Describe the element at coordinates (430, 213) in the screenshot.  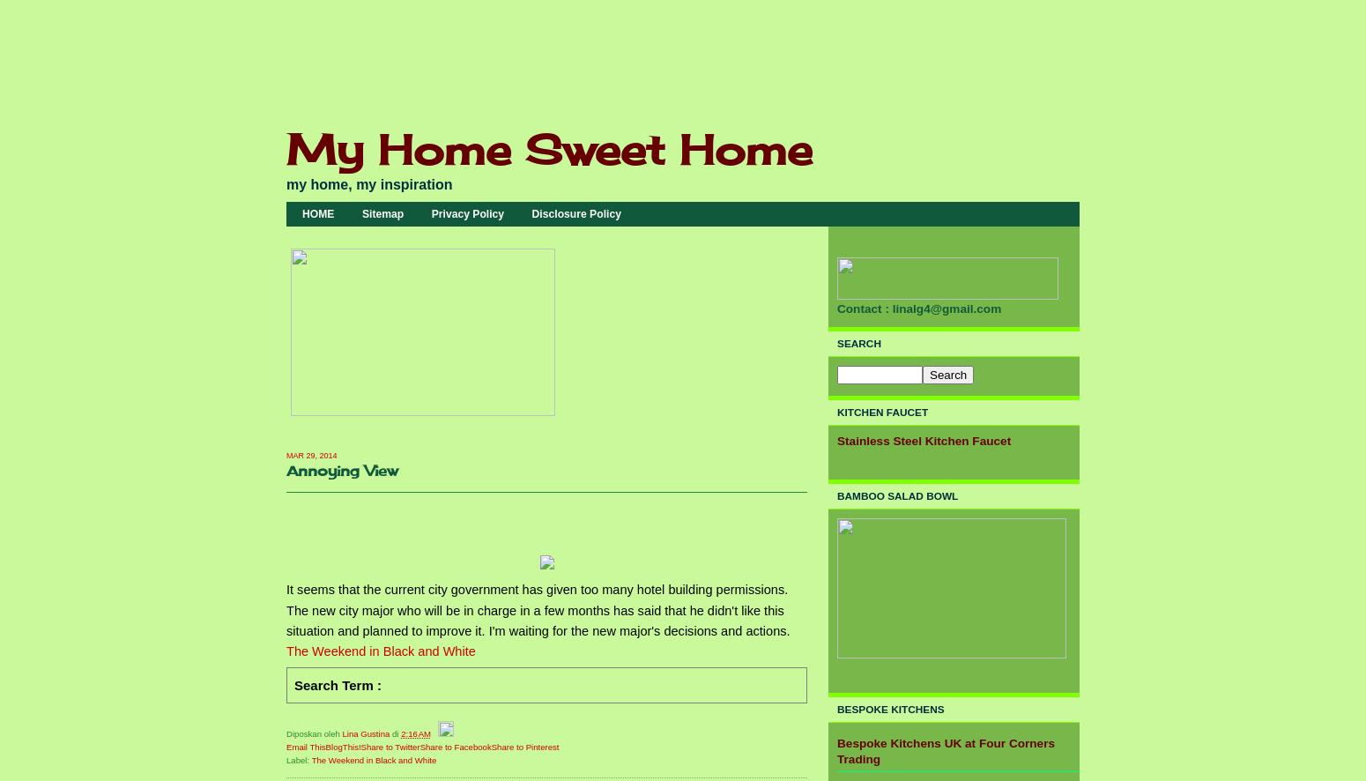
I see `'Privacy Policy'` at that location.